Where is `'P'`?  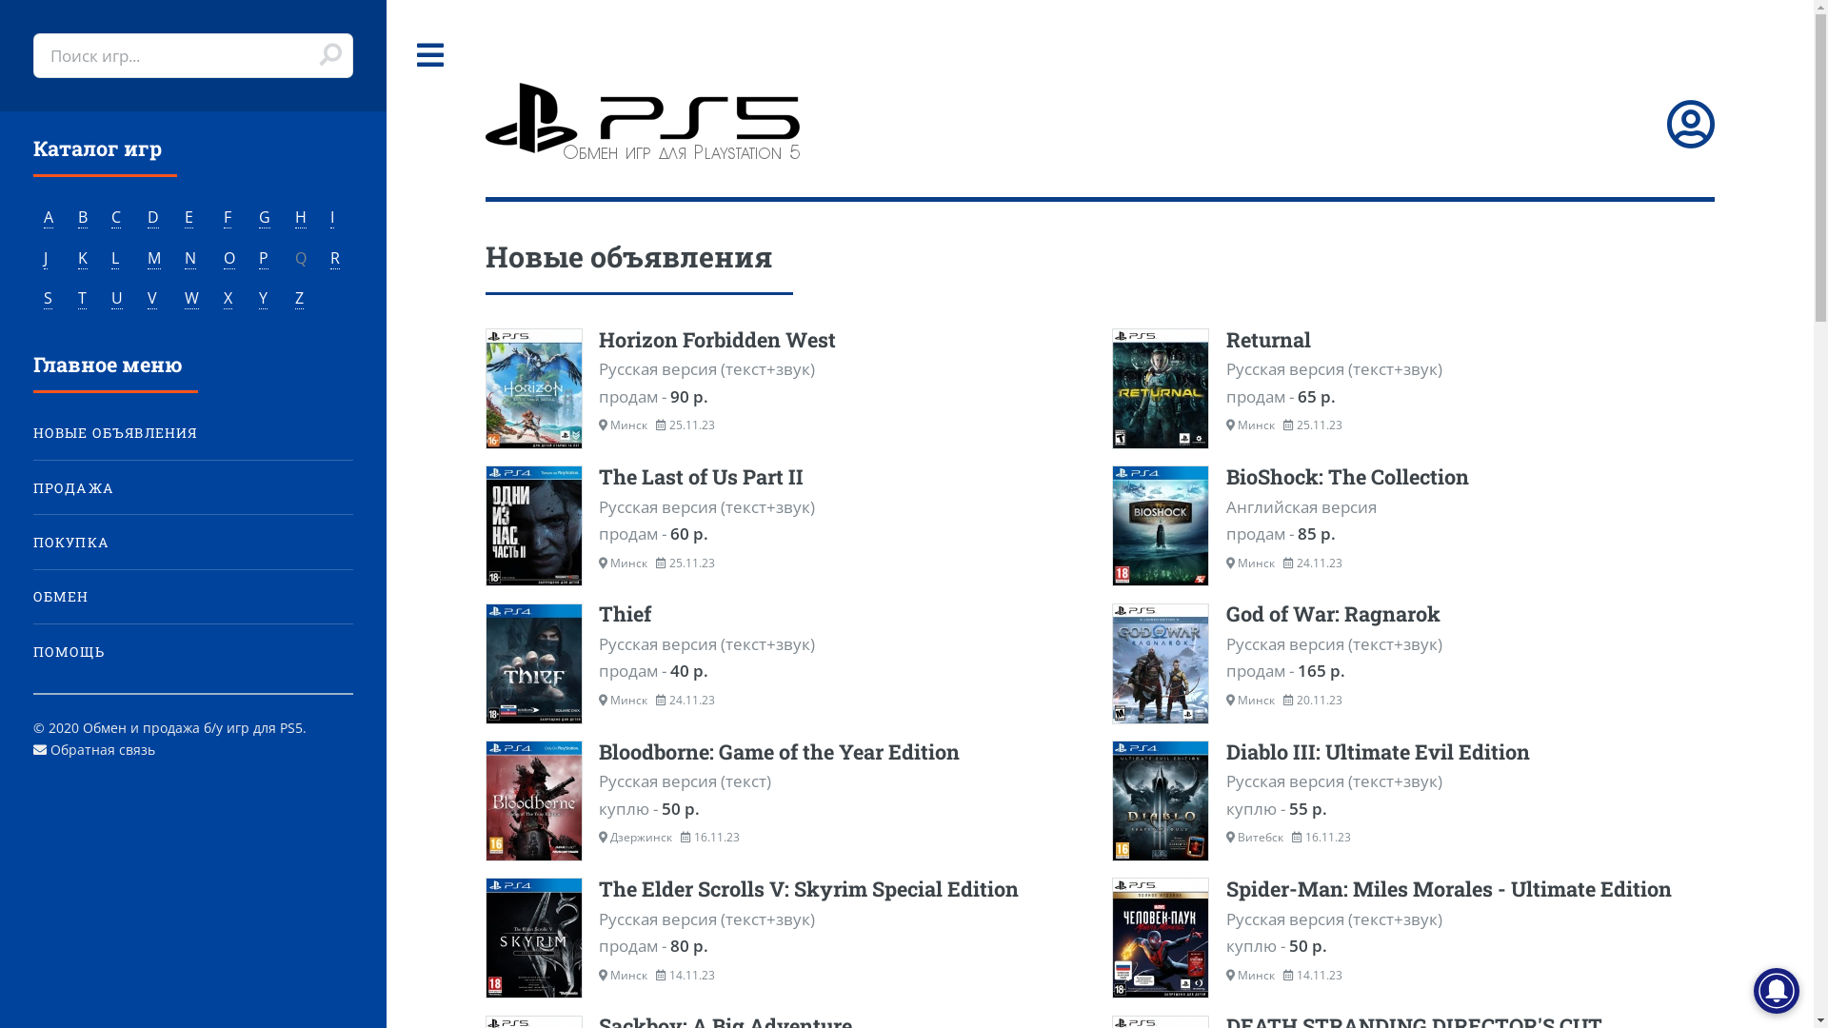 'P' is located at coordinates (263, 258).